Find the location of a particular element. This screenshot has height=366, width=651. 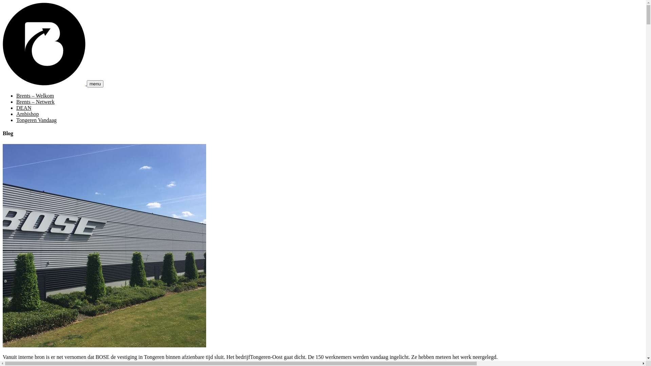

'DEAN' is located at coordinates (16, 107).